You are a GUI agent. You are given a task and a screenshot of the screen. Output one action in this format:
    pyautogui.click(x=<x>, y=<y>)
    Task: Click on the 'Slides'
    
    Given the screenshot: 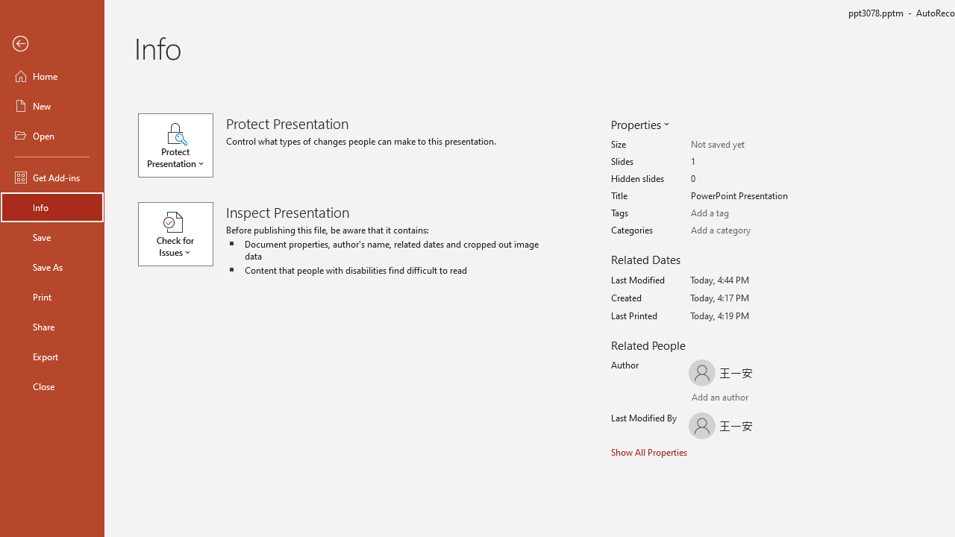 What is the action you would take?
    pyautogui.click(x=749, y=162)
    